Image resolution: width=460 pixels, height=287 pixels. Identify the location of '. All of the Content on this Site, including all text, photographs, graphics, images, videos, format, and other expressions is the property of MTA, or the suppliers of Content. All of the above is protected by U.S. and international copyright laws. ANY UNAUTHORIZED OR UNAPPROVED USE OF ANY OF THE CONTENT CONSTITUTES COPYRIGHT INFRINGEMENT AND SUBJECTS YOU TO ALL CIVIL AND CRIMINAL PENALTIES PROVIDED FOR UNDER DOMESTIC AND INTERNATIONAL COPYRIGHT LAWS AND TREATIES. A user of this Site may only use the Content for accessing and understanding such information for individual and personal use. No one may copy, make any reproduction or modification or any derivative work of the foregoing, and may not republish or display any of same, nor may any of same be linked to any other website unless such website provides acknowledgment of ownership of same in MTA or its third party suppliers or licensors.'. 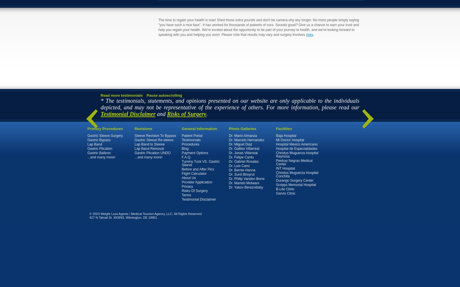
(229, 260).